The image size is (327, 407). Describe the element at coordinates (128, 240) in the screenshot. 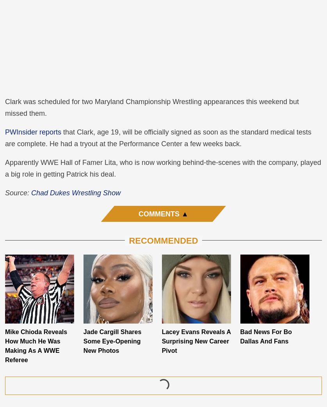

I see `'Recommended'` at that location.